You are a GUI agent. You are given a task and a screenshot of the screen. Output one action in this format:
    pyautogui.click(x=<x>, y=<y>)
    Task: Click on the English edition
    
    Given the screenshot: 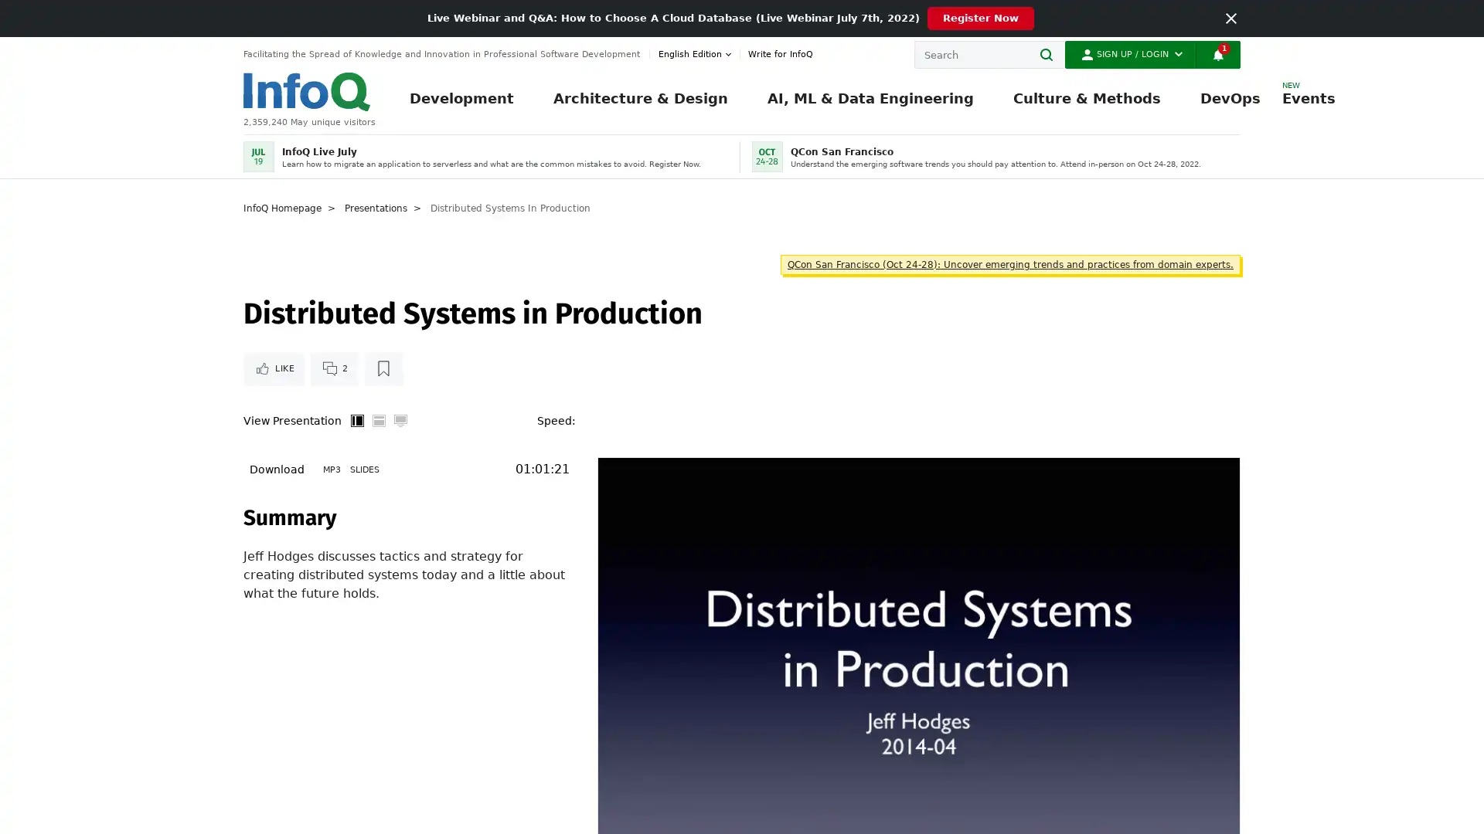 What is the action you would take?
    pyautogui.click(x=696, y=53)
    